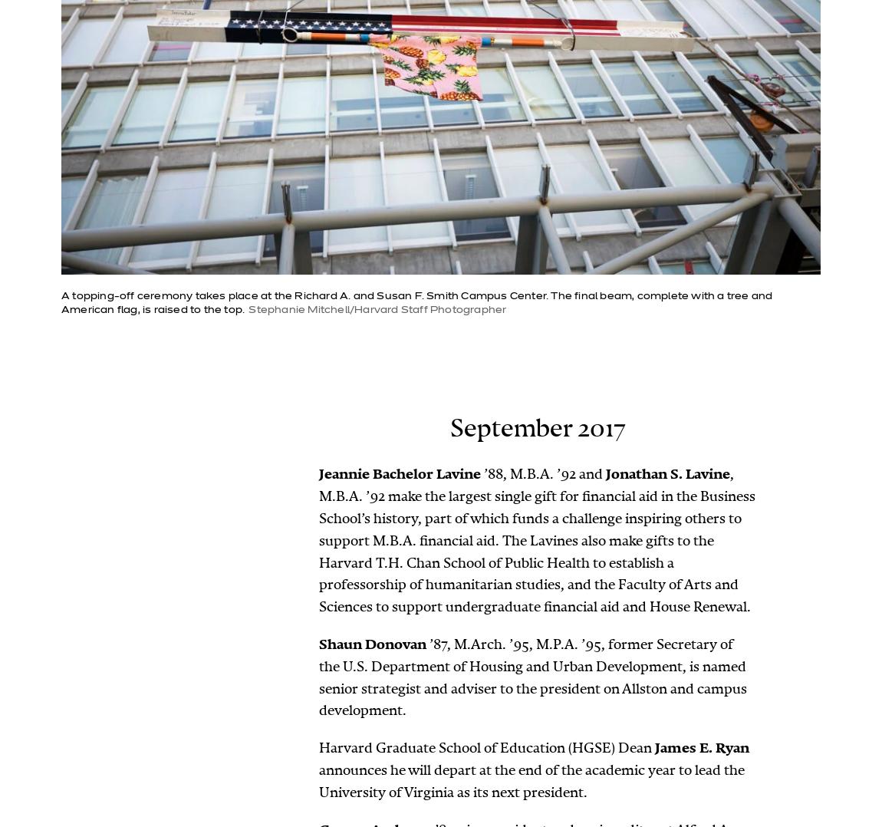 The height and width of the screenshot is (827, 882). I want to click on 'A topping-off ceremony takes place at the Richard A. and Susan F. Smith Campus Center. The final beam, complete with a tree and American flag, is raised to the top.', so click(61, 301).